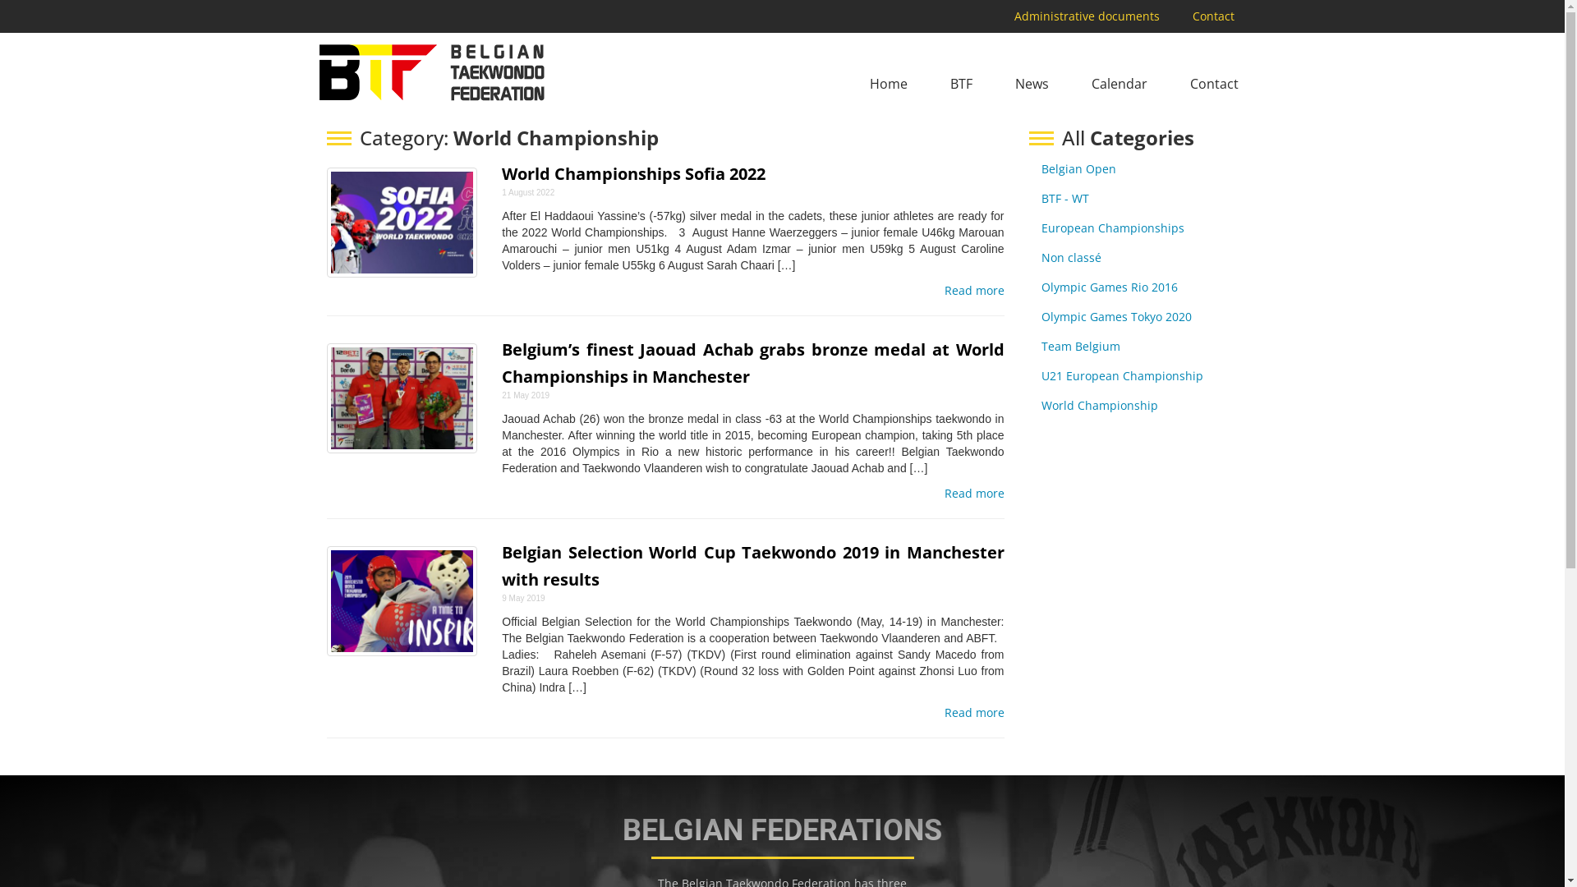  What do you see at coordinates (1100, 405) in the screenshot?
I see `'World Championship'` at bounding box center [1100, 405].